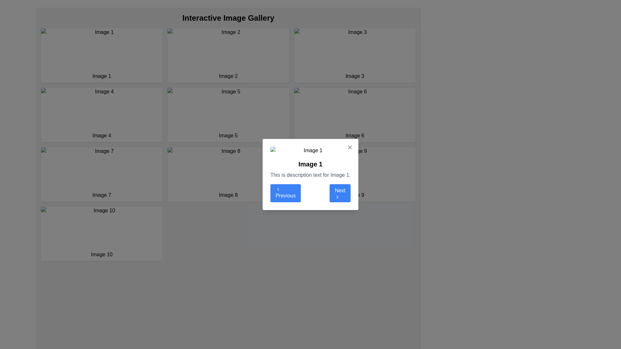  Describe the element at coordinates (350, 147) in the screenshot. I see `the close button styled as a vector graphic icon in the top-right area of the modal dialog box` at that location.